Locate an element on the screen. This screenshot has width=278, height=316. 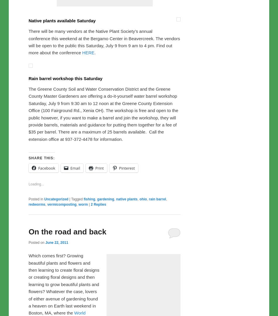
'Loading...' is located at coordinates (36, 307).